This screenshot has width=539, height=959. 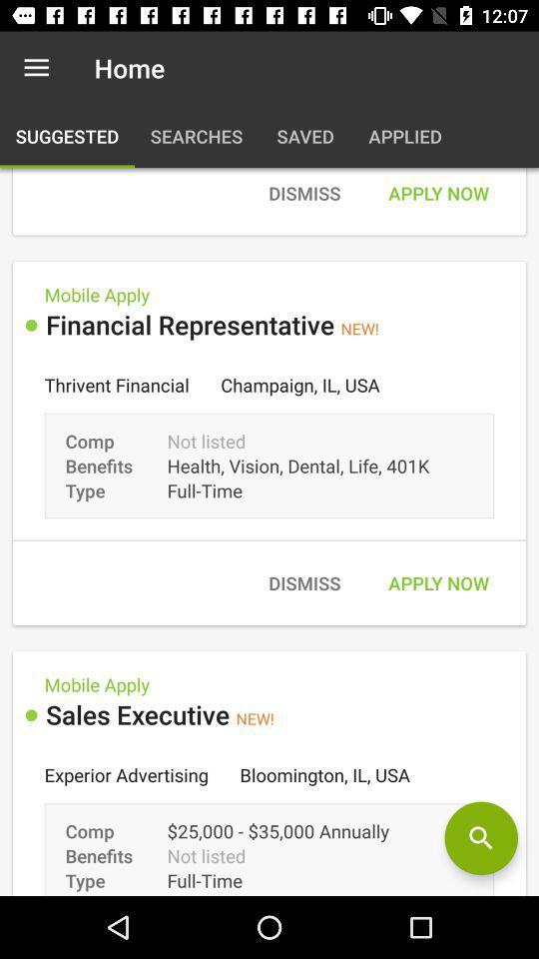 I want to click on the item above the suggested icon, so click(x=36, y=68).